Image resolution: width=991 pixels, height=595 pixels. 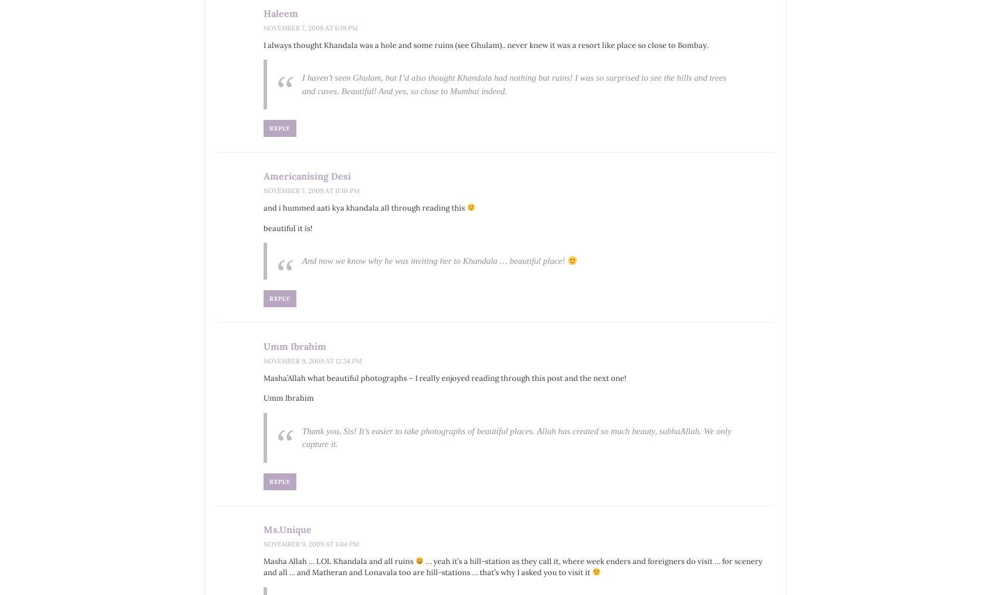 What do you see at coordinates (287, 227) in the screenshot?
I see `'beautiful it is!'` at bounding box center [287, 227].